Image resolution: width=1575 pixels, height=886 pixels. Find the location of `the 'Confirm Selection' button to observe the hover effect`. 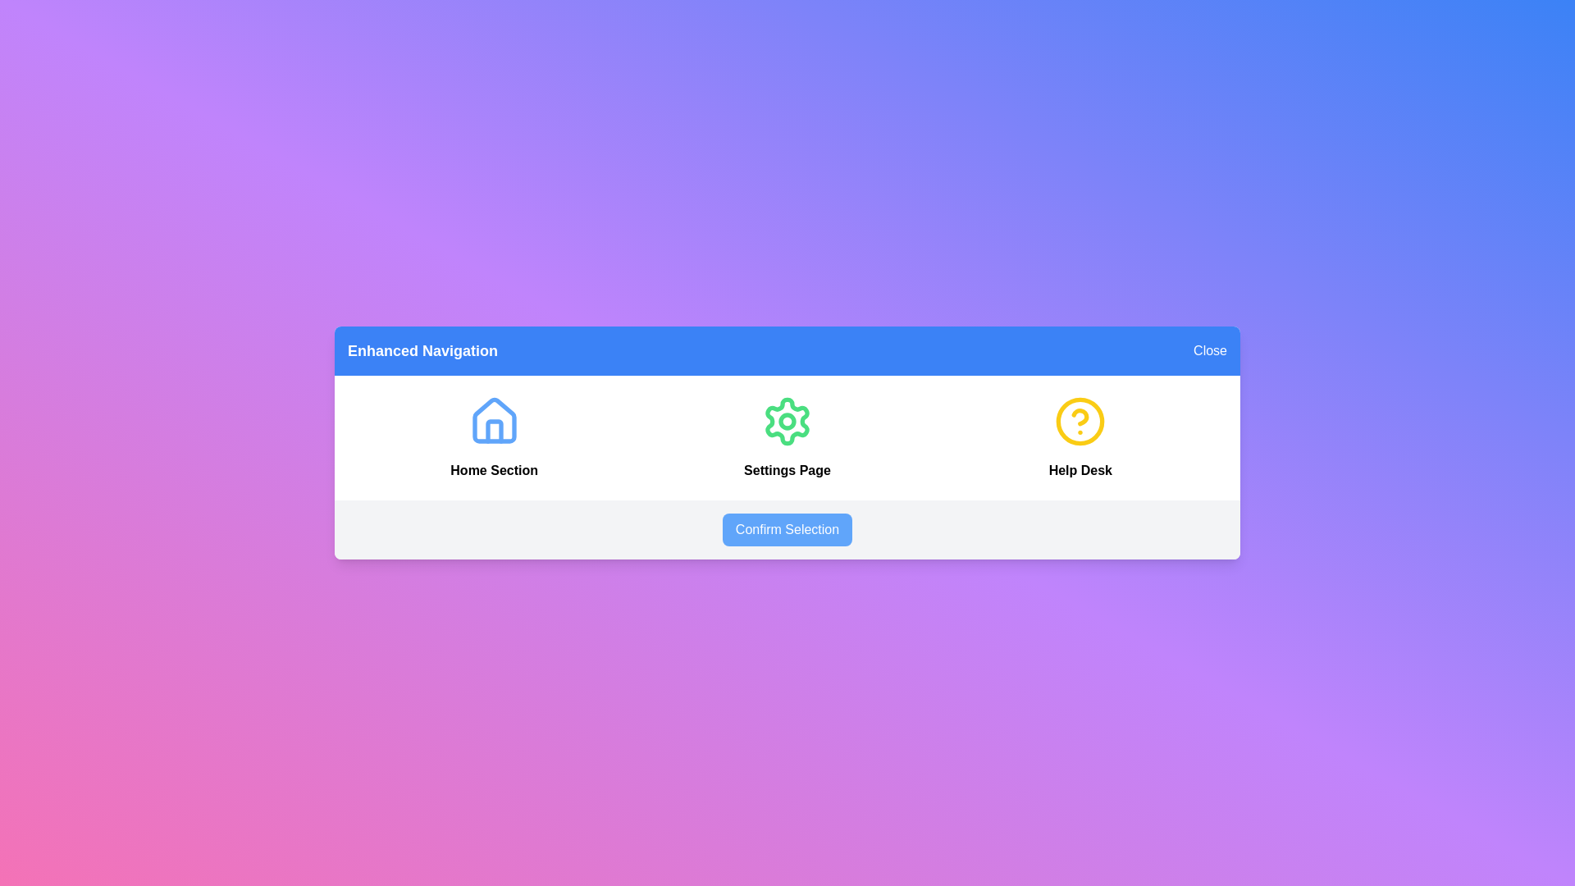

the 'Confirm Selection' button to observe the hover effect is located at coordinates (787, 529).